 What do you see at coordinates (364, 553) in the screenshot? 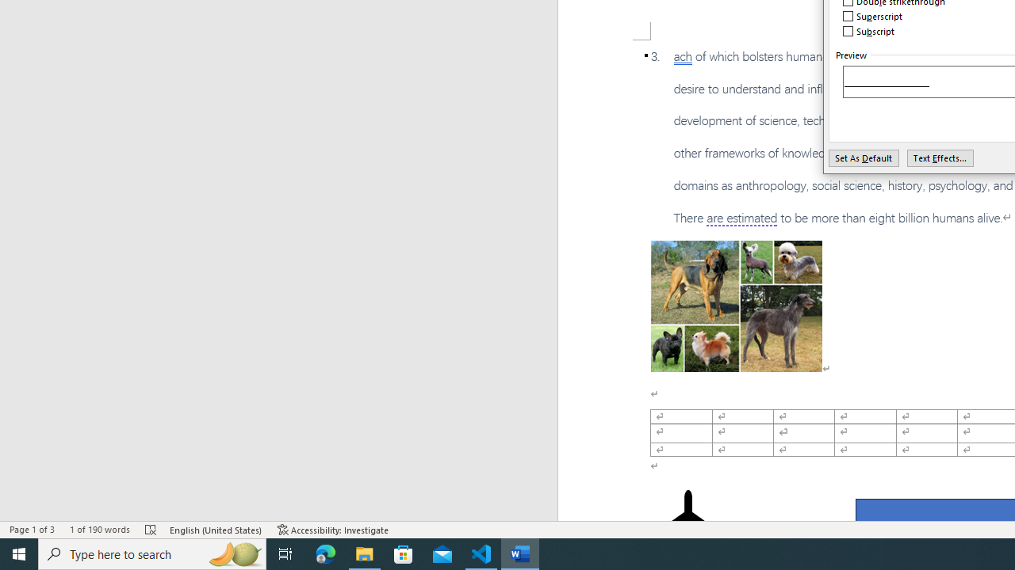
I see `'File Explorer - 1 running window'` at bounding box center [364, 553].